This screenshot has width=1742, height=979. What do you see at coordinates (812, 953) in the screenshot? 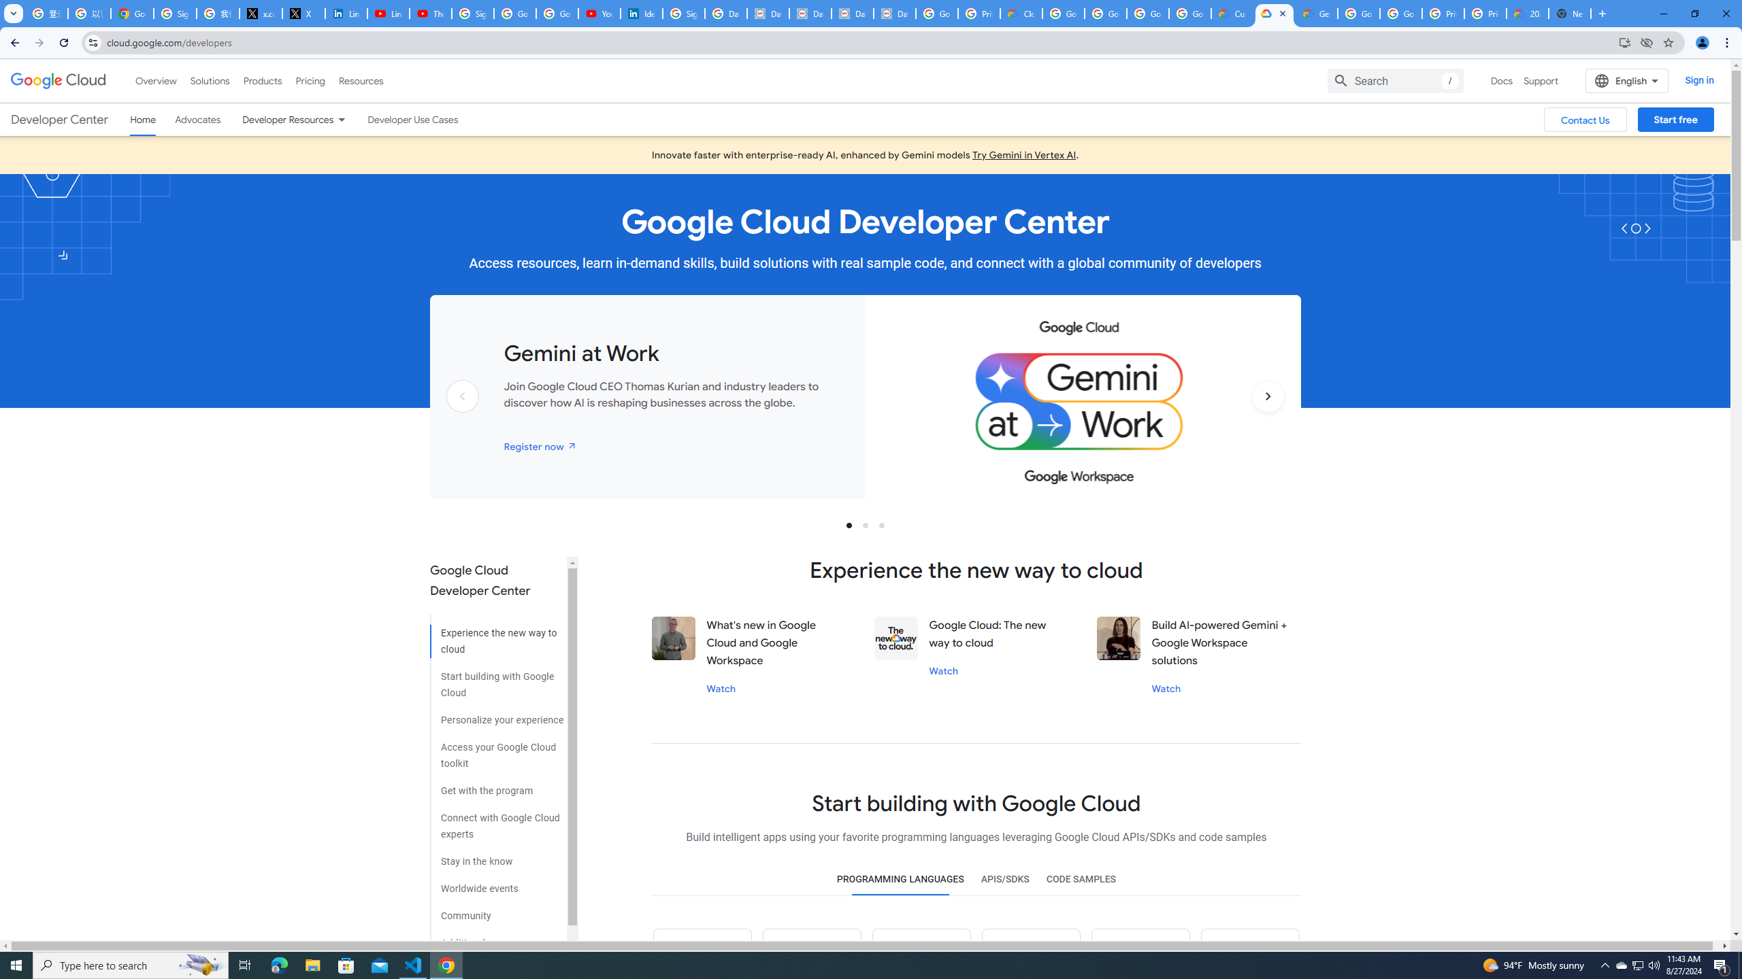
I see `'Java icon'` at bounding box center [812, 953].